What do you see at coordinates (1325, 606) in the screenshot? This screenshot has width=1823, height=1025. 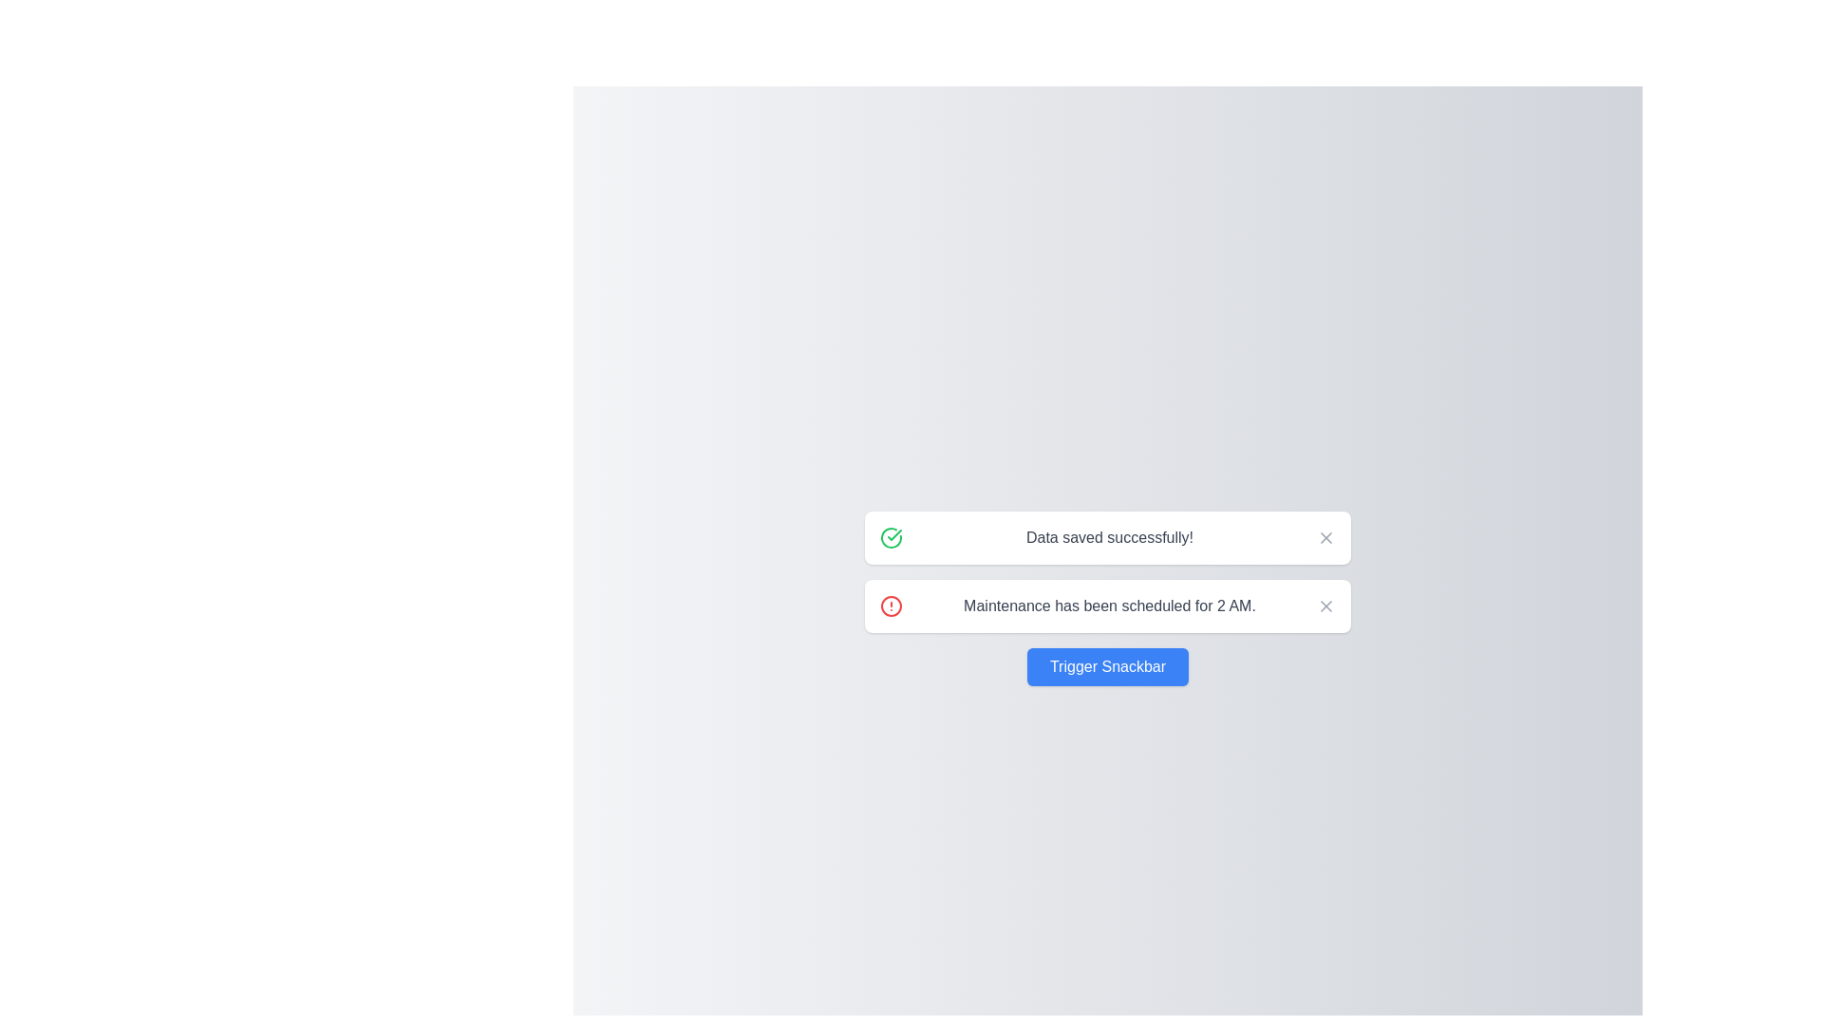 I see `the close button of the snackbar with message 'Maintenance has been scheduled for 2 AM.'` at bounding box center [1325, 606].